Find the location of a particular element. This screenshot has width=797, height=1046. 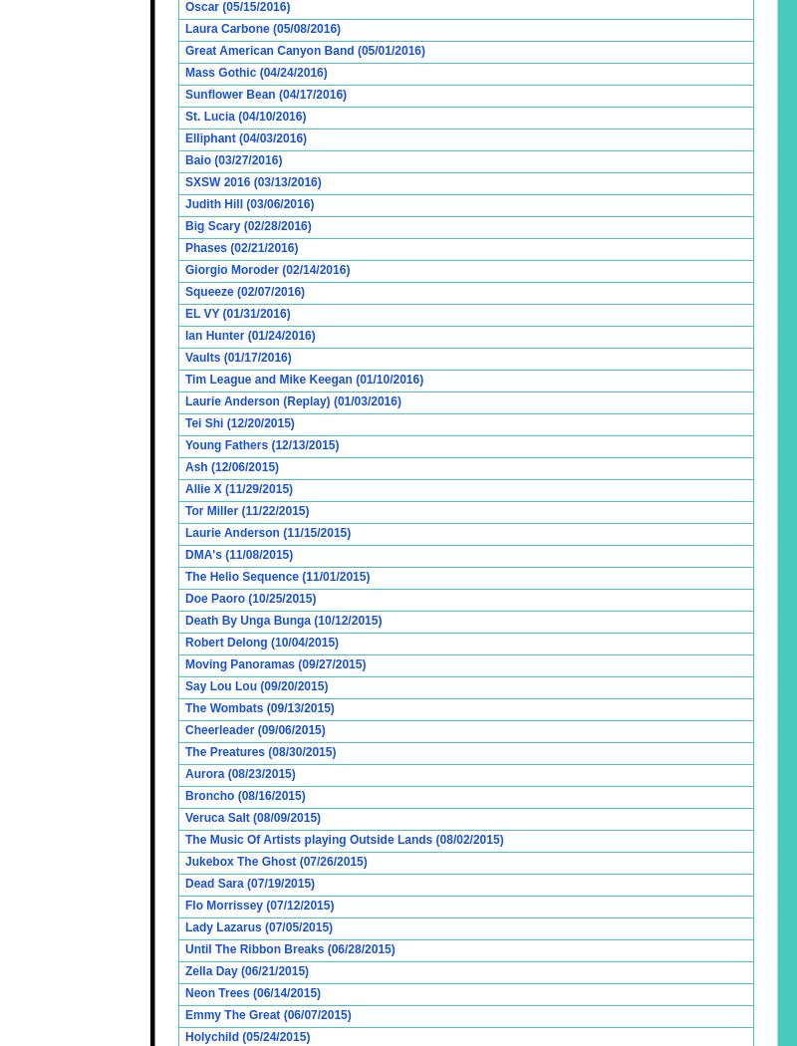

'Giorgio Moroder (02/14/2016)' is located at coordinates (267, 269).